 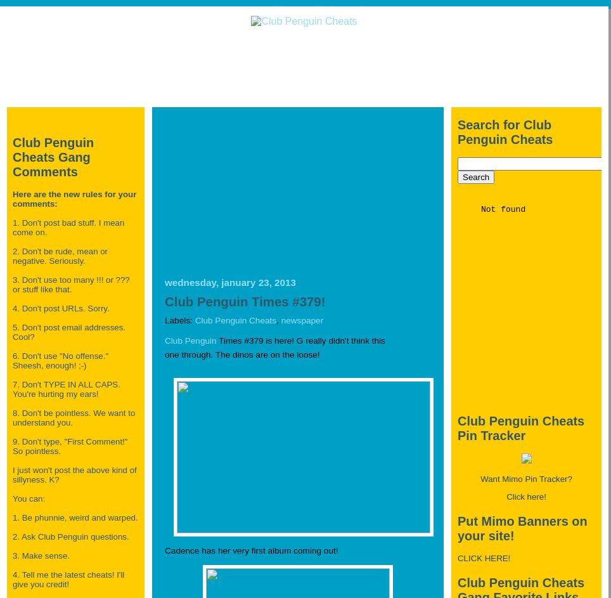 I want to click on 'You can:', so click(x=11, y=498).